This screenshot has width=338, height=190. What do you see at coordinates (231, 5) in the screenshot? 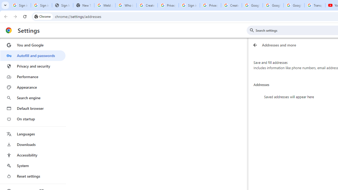
I see `'Create your Google Account'` at bounding box center [231, 5].